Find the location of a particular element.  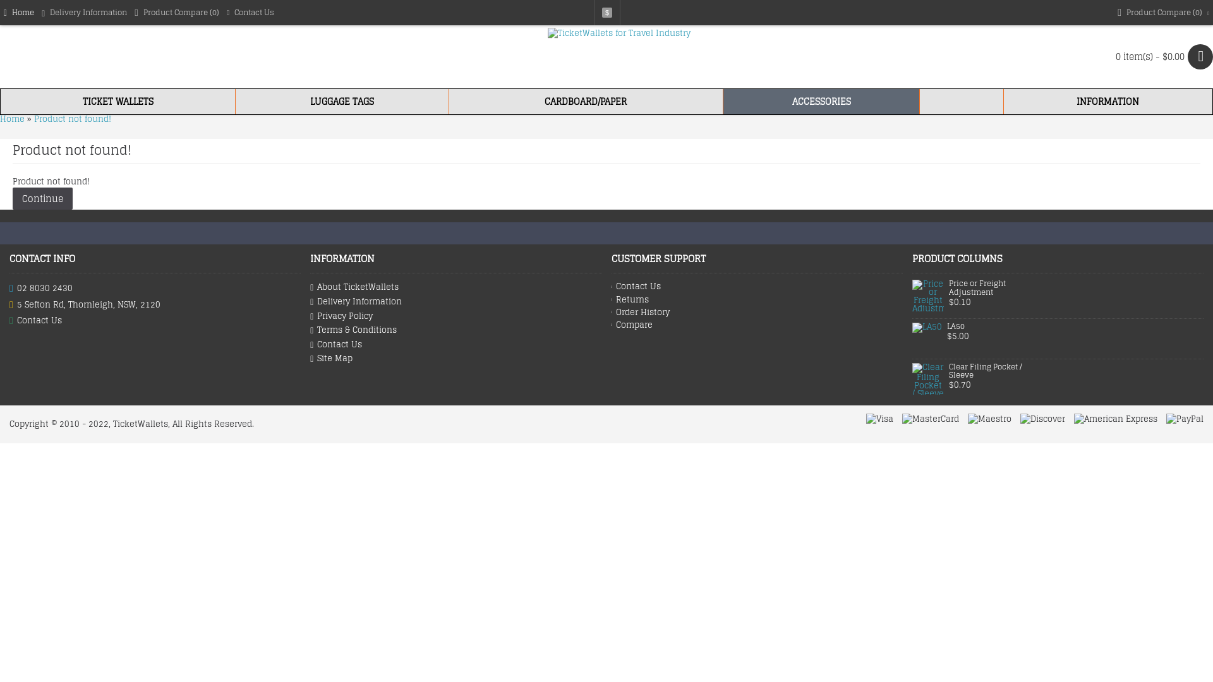

'Continue' is located at coordinates (12, 198).